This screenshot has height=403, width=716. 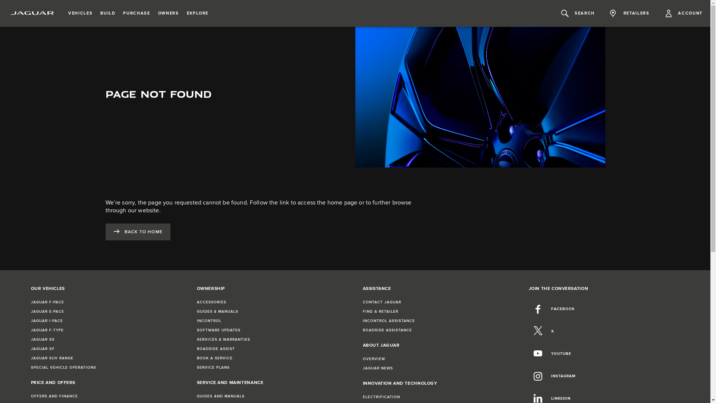 What do you see at coordinates (197, 340) in the screenshot?
I see `'SERVICES & WARRANTIES'` at bounding box center [197, 340].